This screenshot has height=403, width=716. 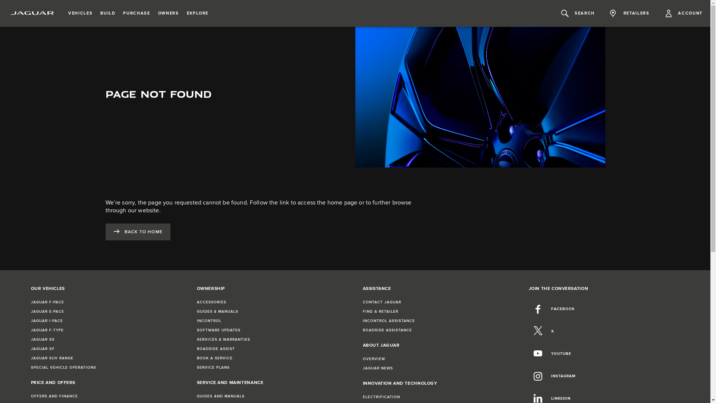 What do you see at coordinates (197, 340) in the screenshot?
I see `'SERVICES & WARRANTIES'` at bounding box center [197, 340].